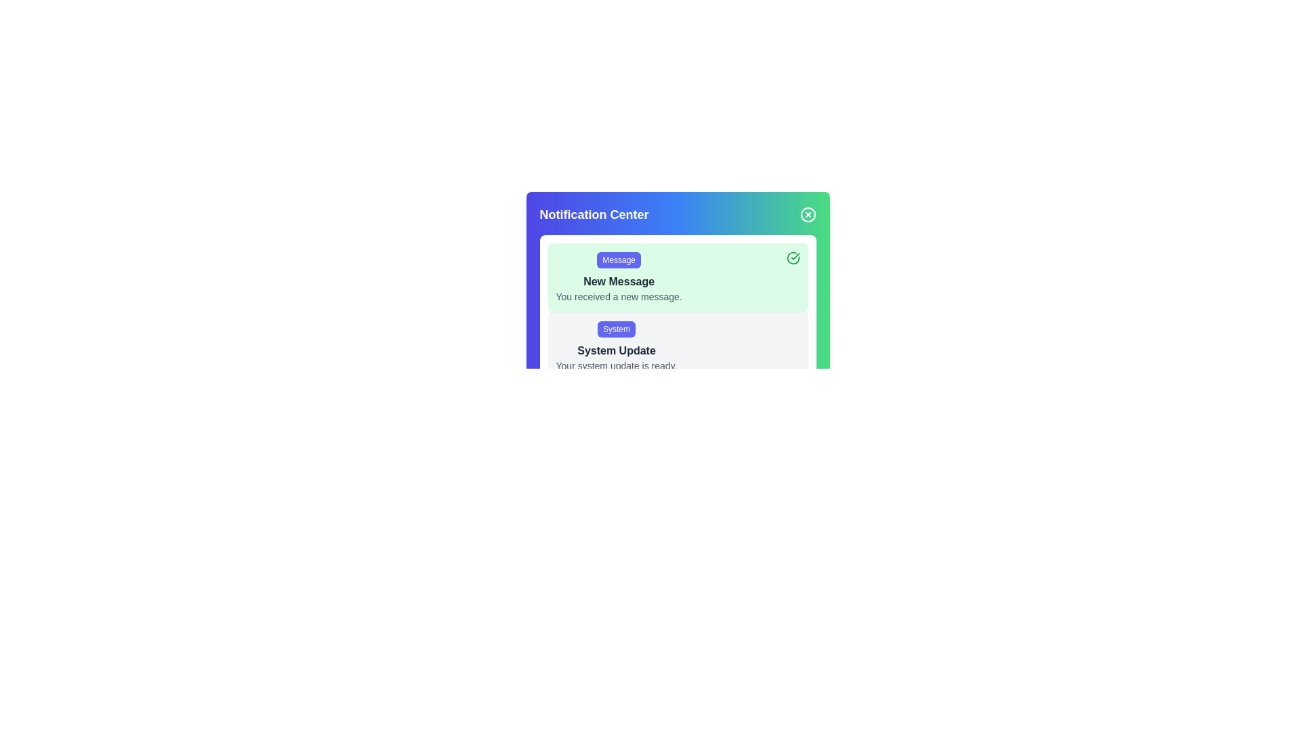 Image resolution: width=1301 pixels, height=732 pixels. Describe the element at coordinates (594, 213) in the screenshot. I see `the text label that serves as the title for the notification interface, located at the top-center of the visible interface` at that location.